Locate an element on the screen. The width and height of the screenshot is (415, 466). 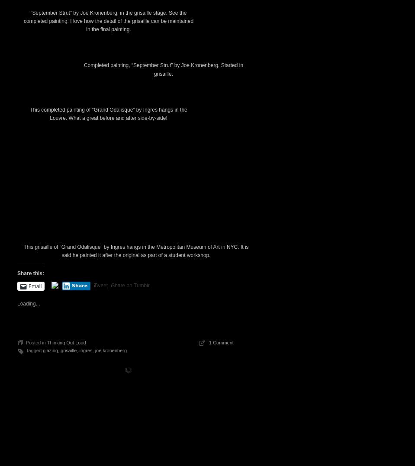
'This grisaille of “Grand Odalisque” by Ingres hangs in the Metropolitan Museum of Art in NYC. It is said he painted it after the original as part of a student workshop.' is located at coordinates (135, 398).